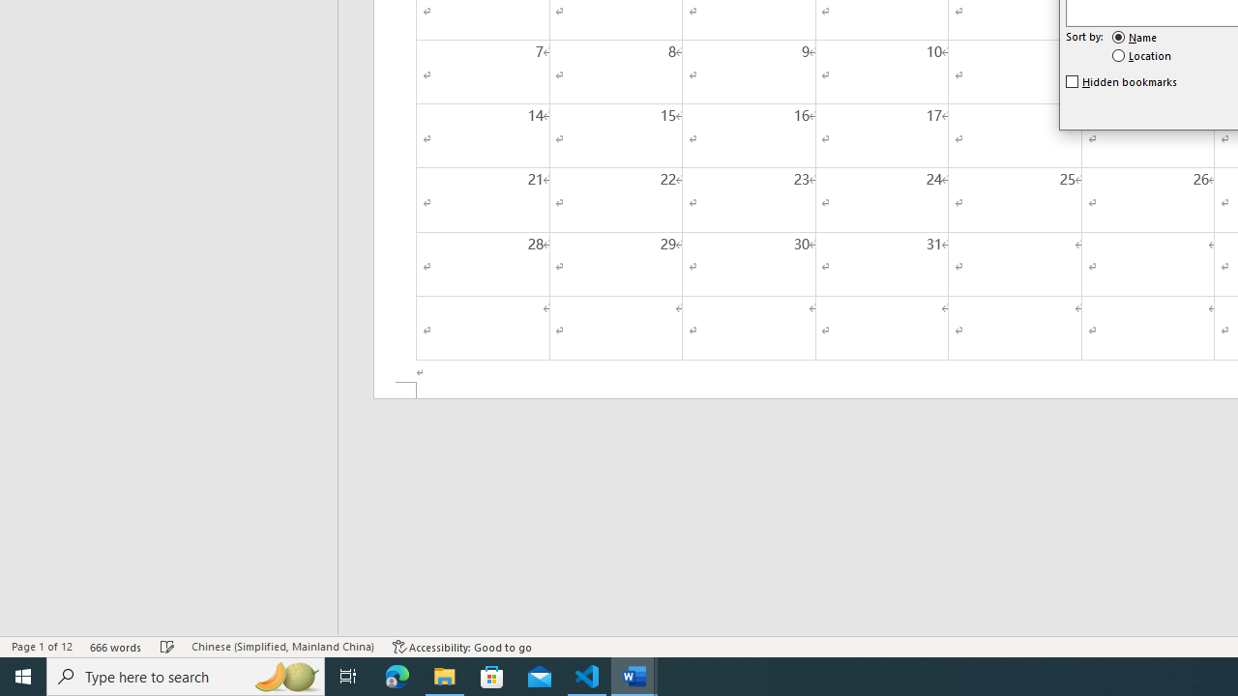  Describe the element at coordinates (586, 675) in the screenshot. I see `'Visual Studio Code - 1 running window'` at that location.